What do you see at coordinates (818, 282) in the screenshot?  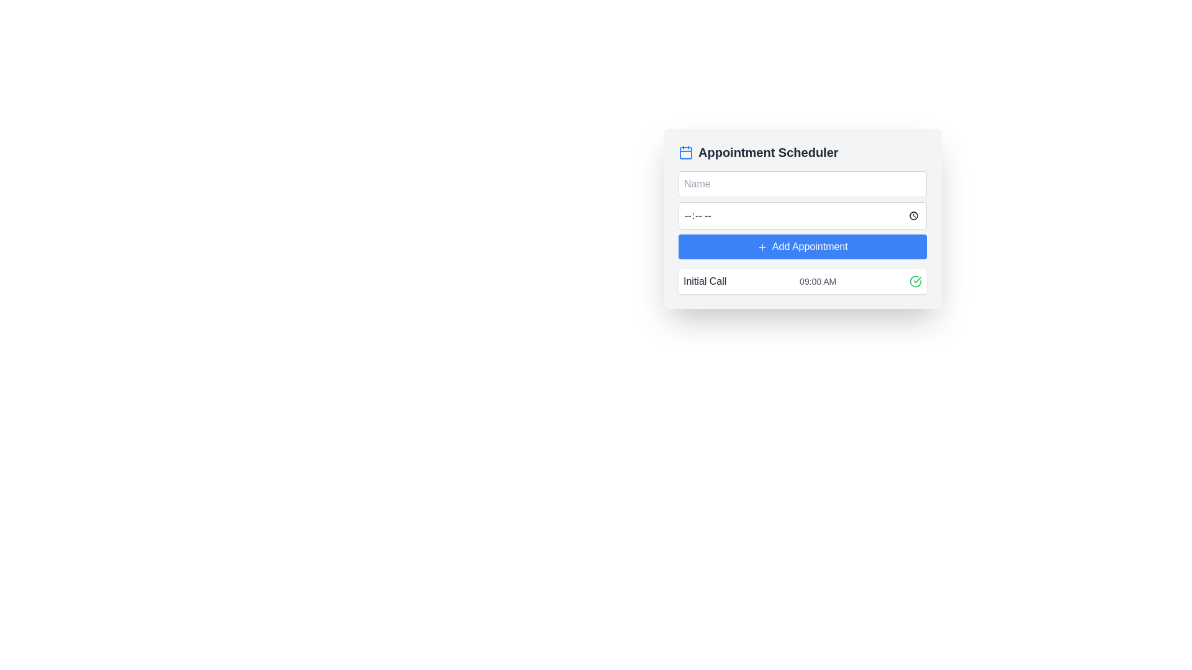 I see `the text label displaying '09:00 AM', which is located in the lower-right part of the section containing 'Initial Call' and the green checkmark circle icon` at bounding box center [818, 282].